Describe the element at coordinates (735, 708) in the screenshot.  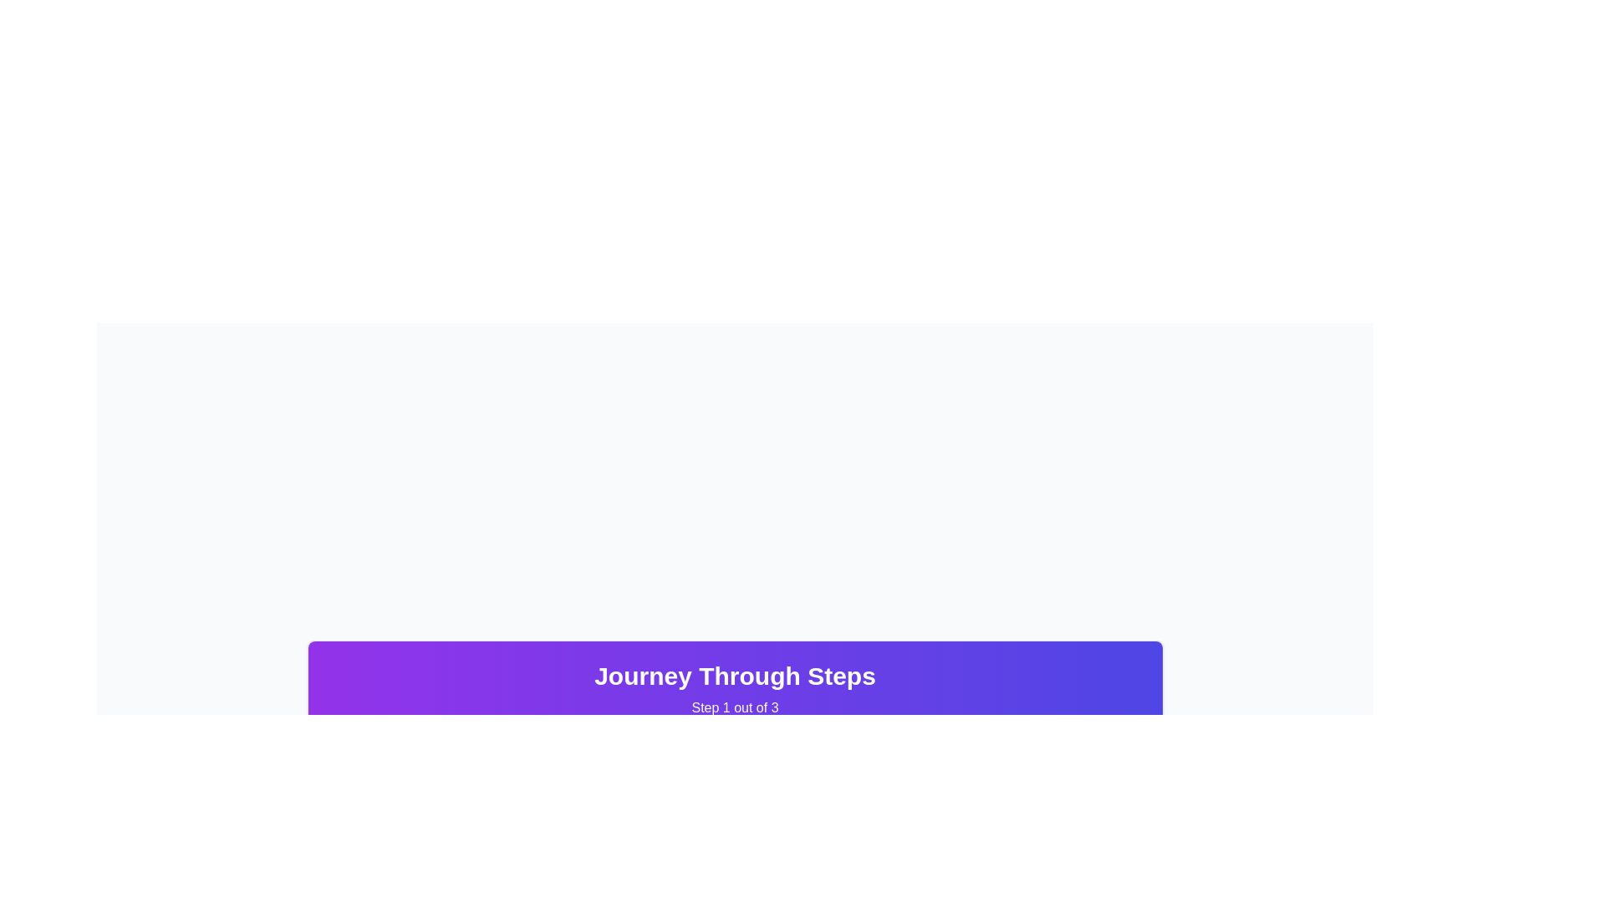
I see `the text label reading 'Step 1 out of 3' which is displayed in a light-colored font against a gradient purple-to-indigo background, positioned below a larger label 'Journey Through Steps'` at that location.